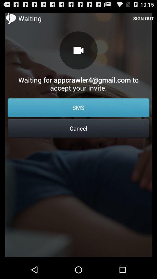  What do you see at coordinates (143, 18) in the screenshot?
I see `sign out item` at bounding box center [143, 18].